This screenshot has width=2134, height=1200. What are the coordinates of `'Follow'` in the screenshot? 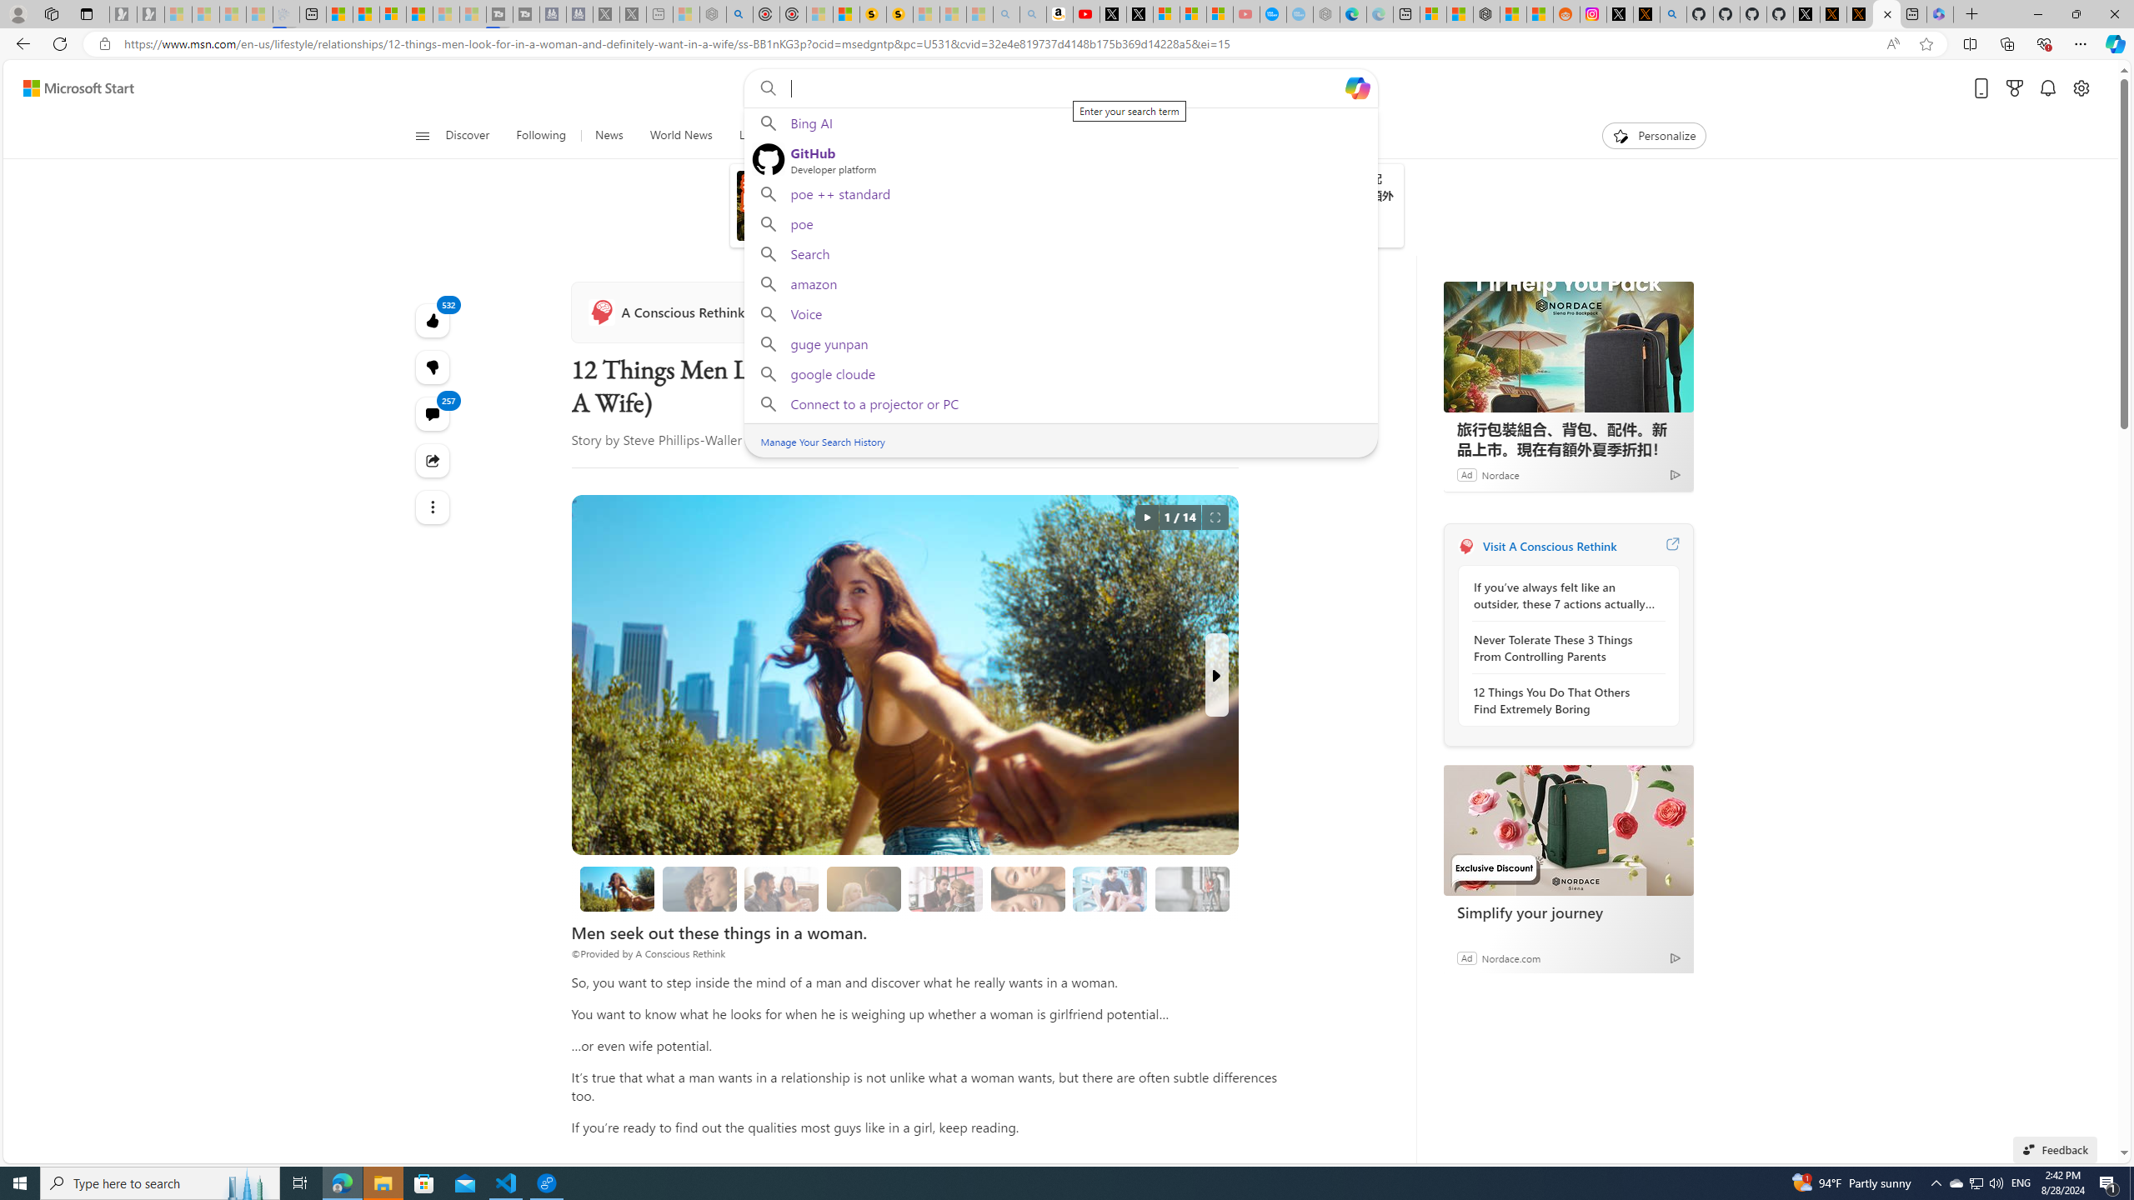 It's located at (789, 312).